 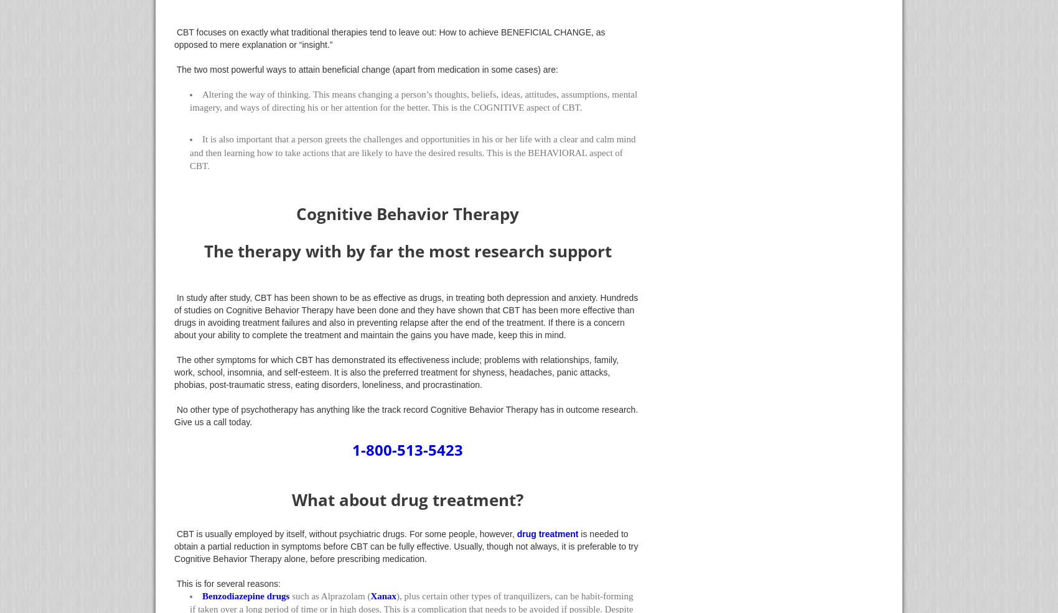 What do you see at coordinates (292, 499) in the screenshot?
I see `'What about drug treatment?'` at bounding box center [292, 499].